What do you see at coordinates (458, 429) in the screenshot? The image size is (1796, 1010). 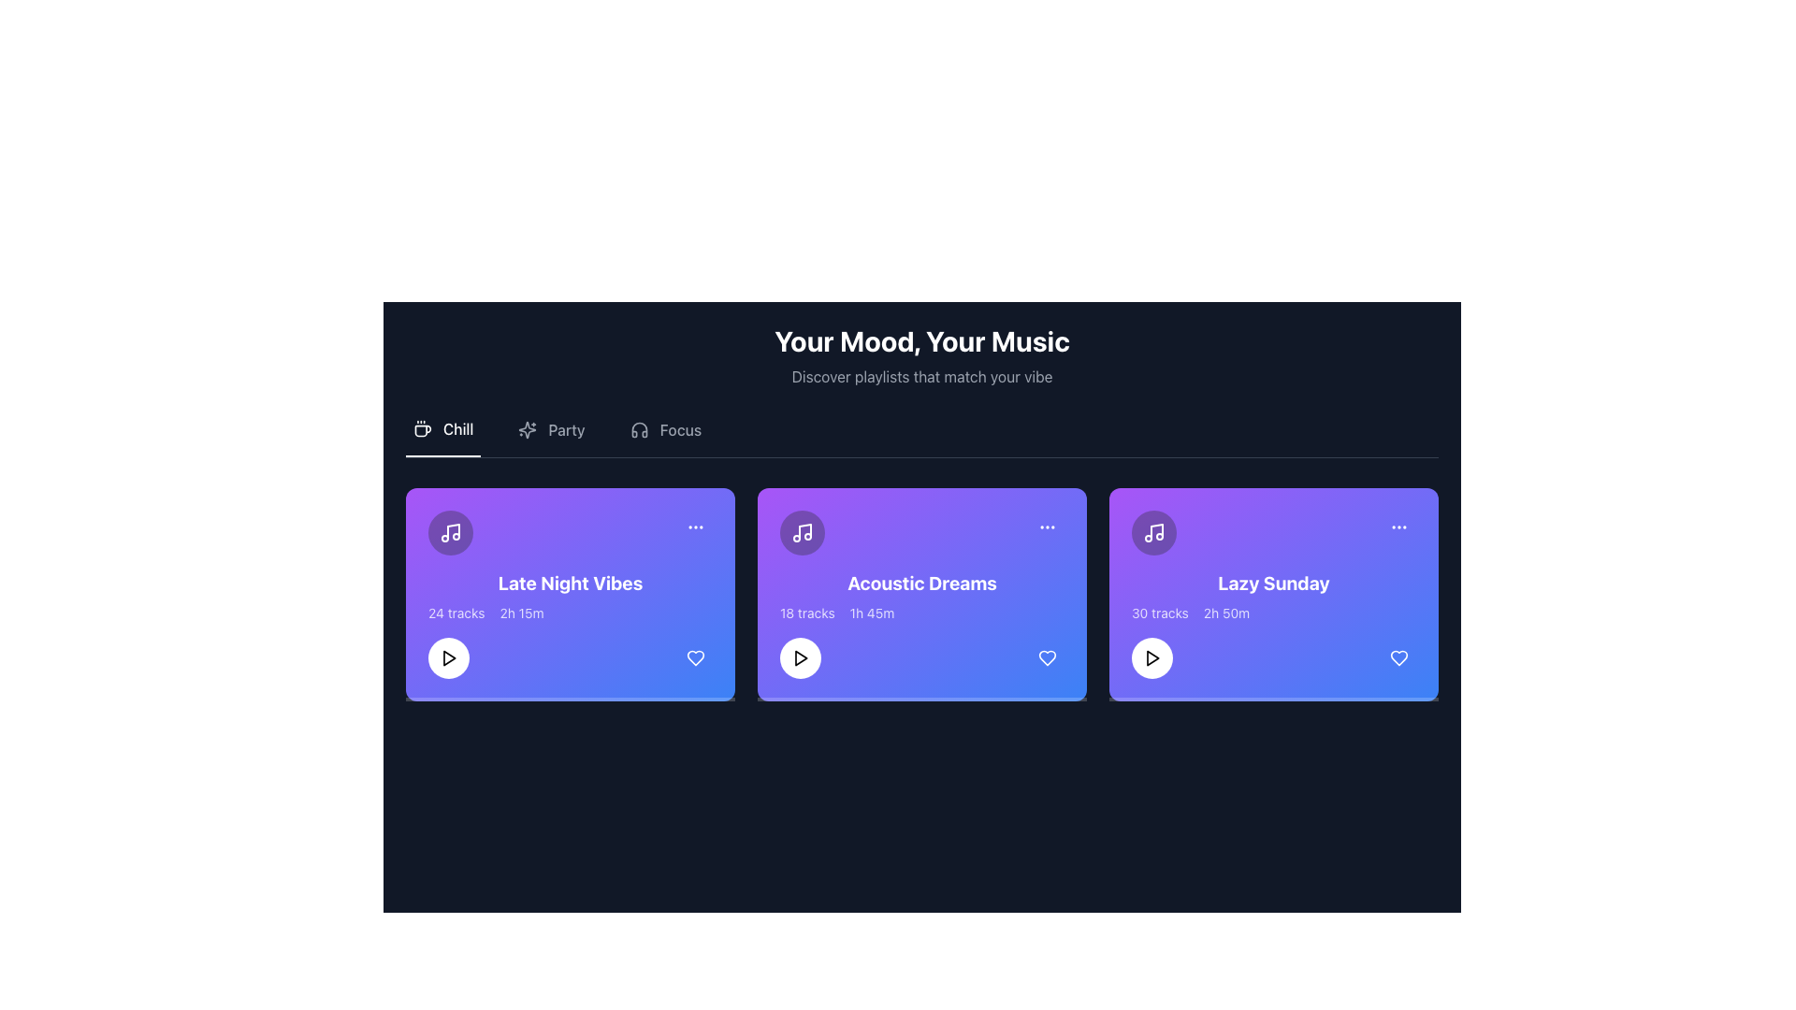 I see `the 'Chill' text label in the navigation bar` at bounding box center [458, 429].